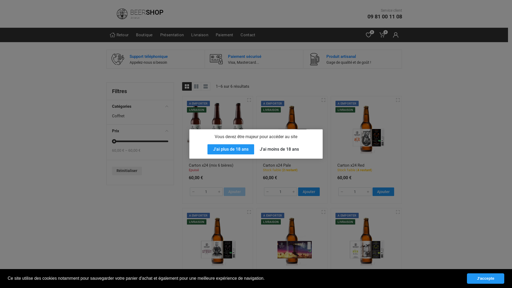 The width and height of the screenshot is (512, 288). What do you see at coordinates (140, 116) in the screenshot?
I see `'Coffret'` at bounding box center [140, 116].